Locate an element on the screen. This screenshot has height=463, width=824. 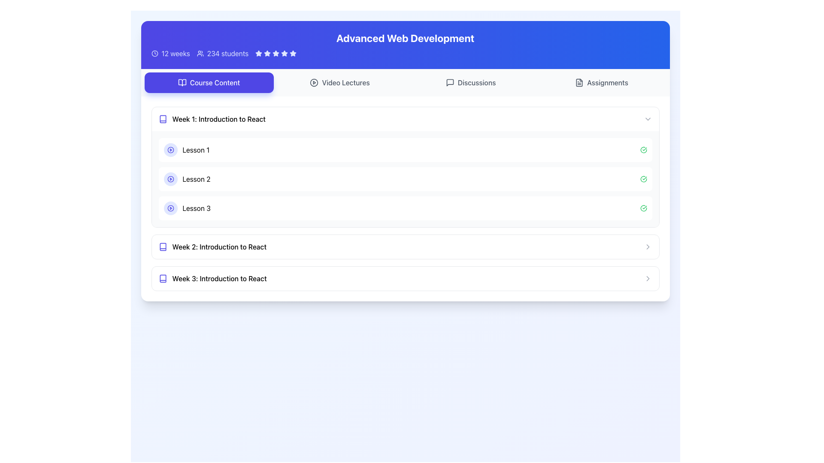
the icon that signifies the 'Week 1' section, located to the immediate left of the section header labeled 'Week 1: Introduction to React' is located at coordinates (163, 119).